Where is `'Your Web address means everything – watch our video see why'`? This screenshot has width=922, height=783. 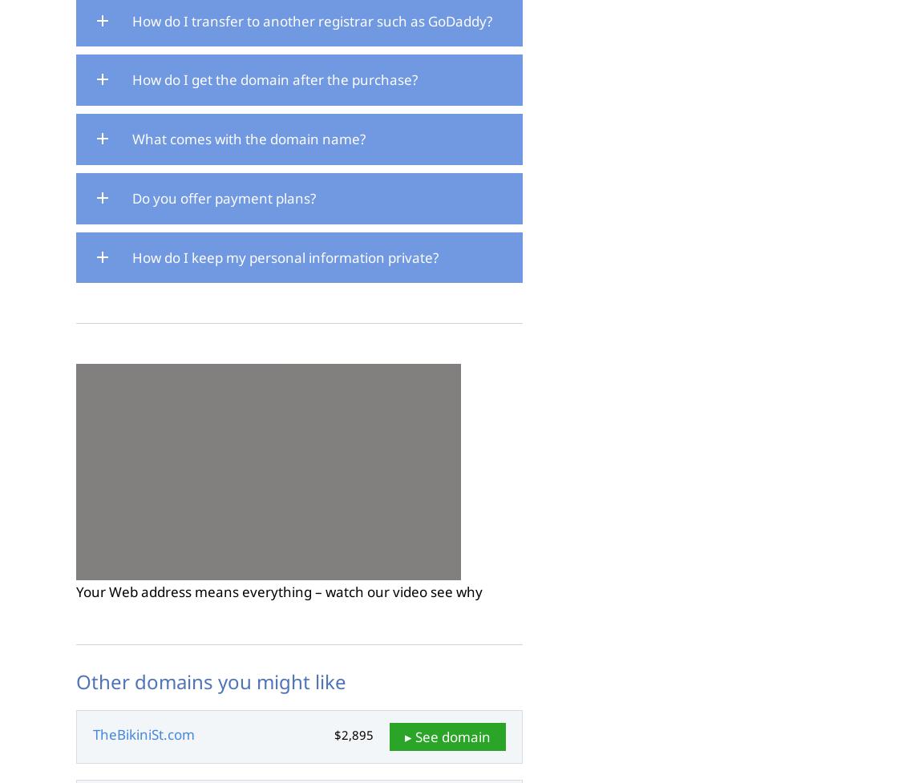
'Your Web address means everything – watch our video see why' is located at coordinates (279, 591).